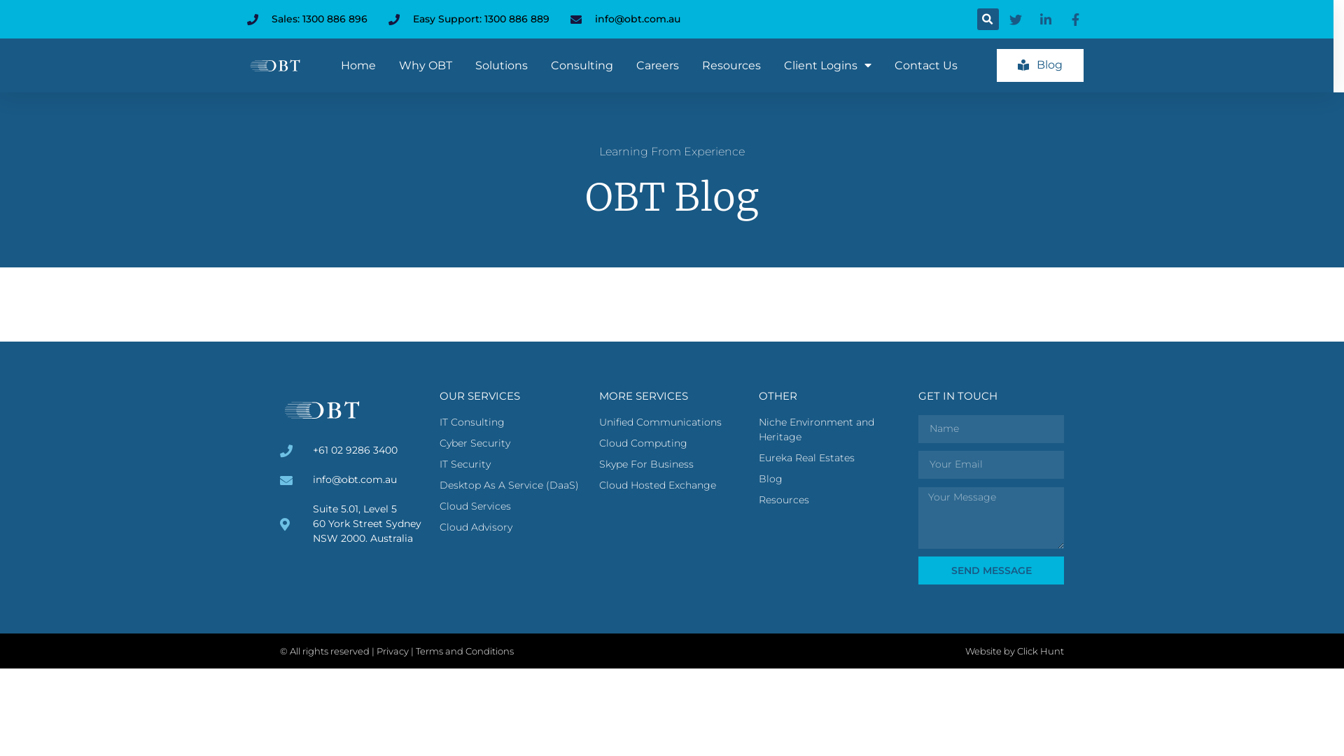 This screenshot has height=756, width=1344. Describe the element at coordinates (439, 506) in the screenshot. I see `'Cloud Services'` at that location.